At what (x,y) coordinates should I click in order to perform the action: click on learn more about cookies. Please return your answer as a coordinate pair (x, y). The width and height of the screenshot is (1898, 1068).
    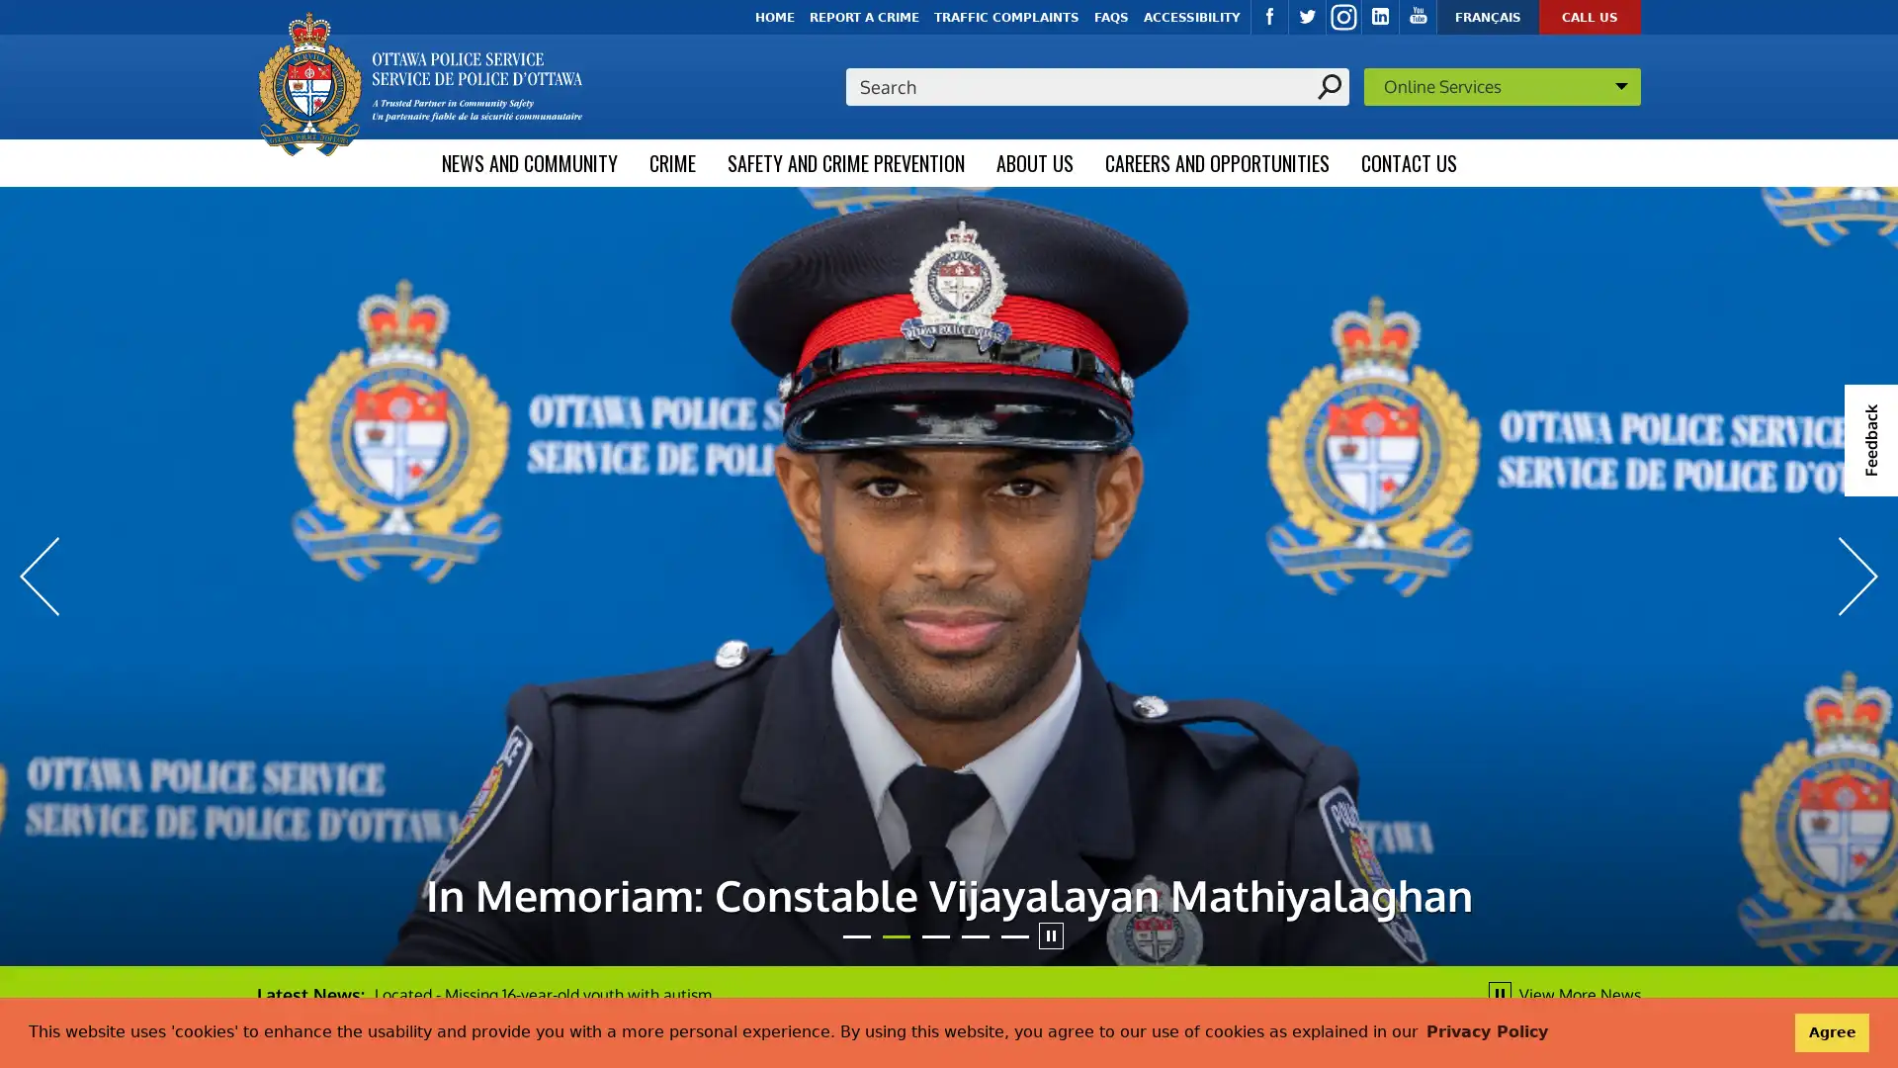
    Looking at the image, I should click on (1486, 1031).